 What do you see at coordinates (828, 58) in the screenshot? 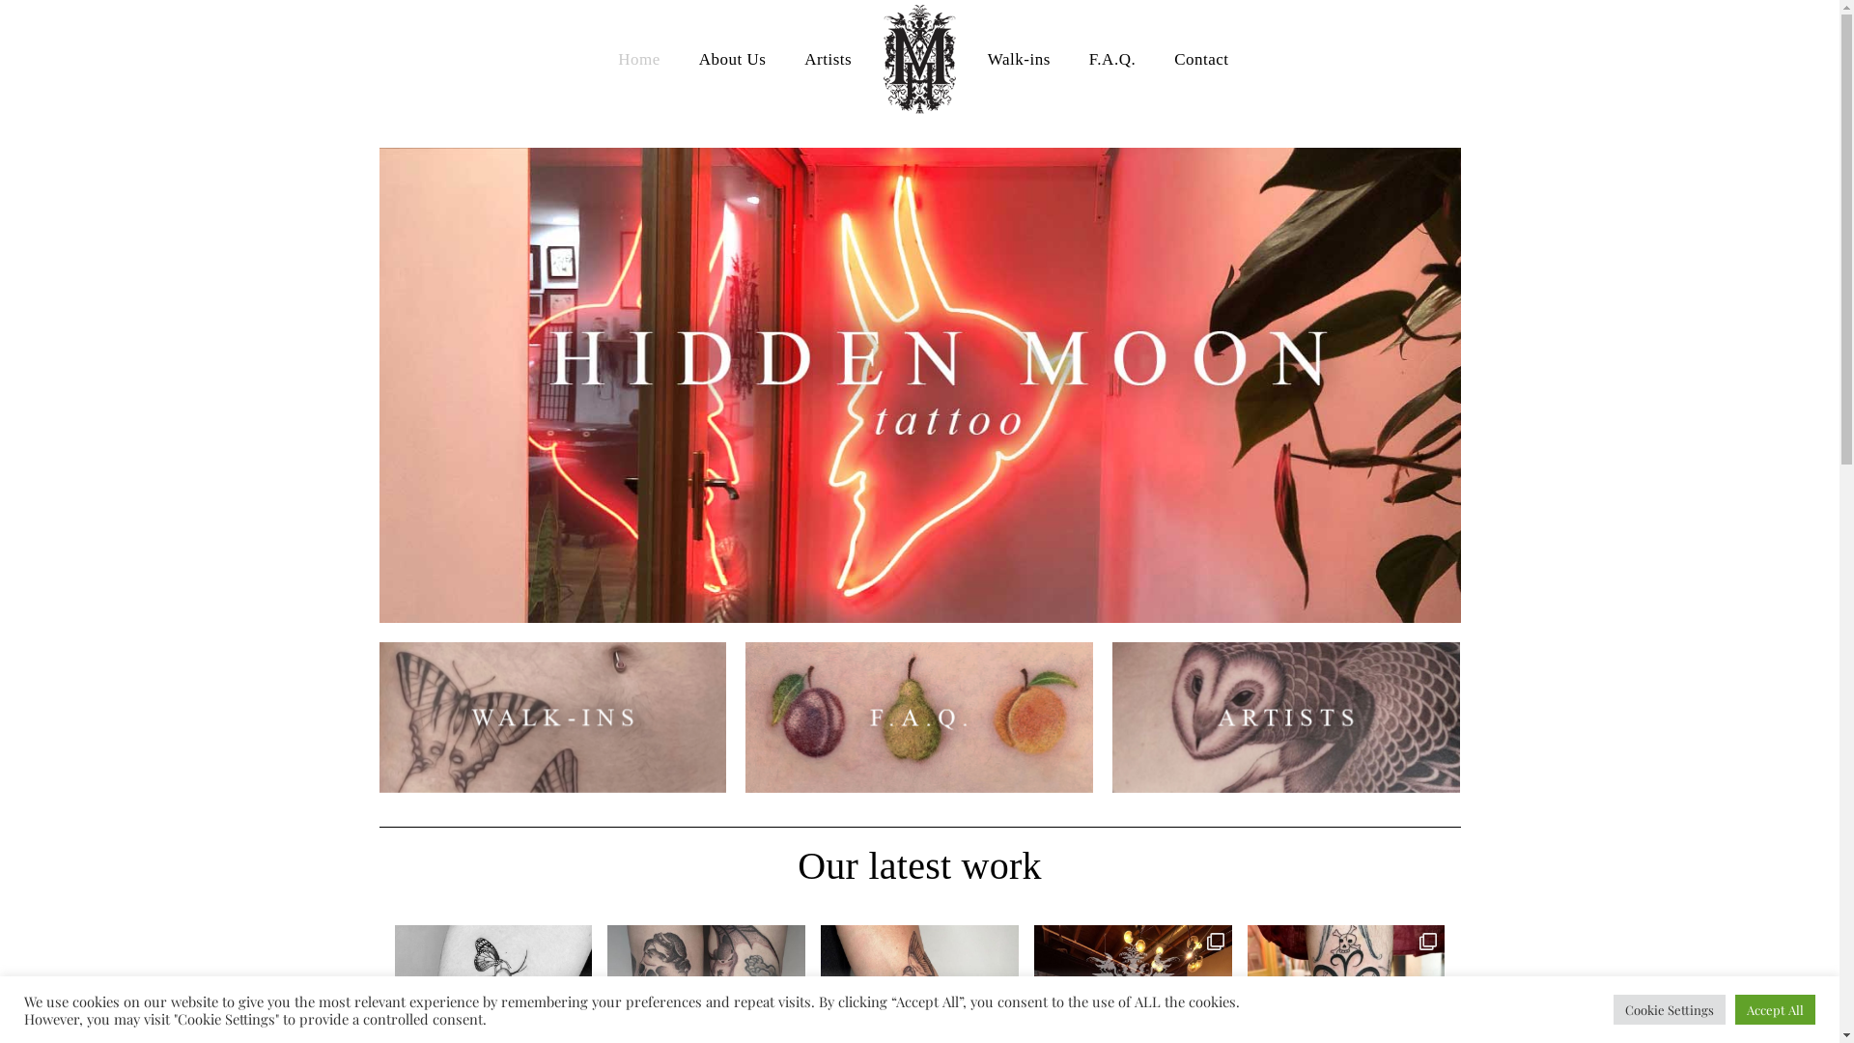
I see `'Artists'` at bounding box center [828, 58].